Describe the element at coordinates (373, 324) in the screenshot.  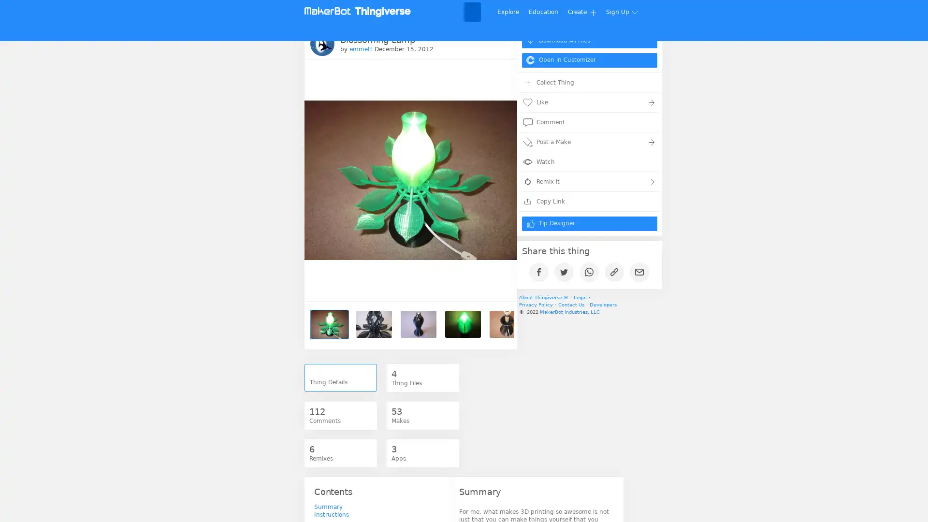
I see `slide item 2` at that location.